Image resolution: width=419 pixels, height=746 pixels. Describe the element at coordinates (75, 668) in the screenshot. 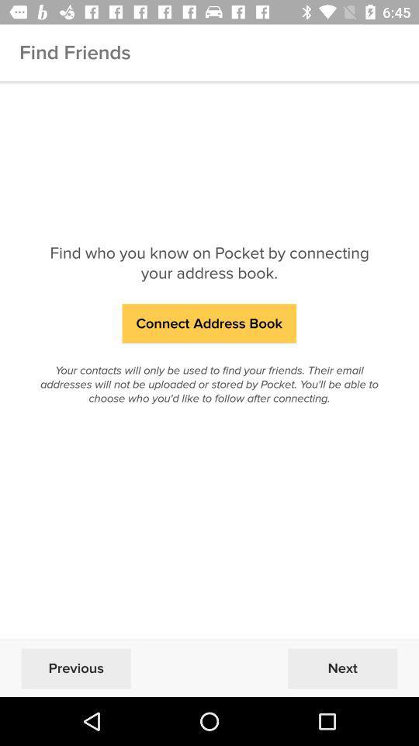

I see `the previous` at that location.